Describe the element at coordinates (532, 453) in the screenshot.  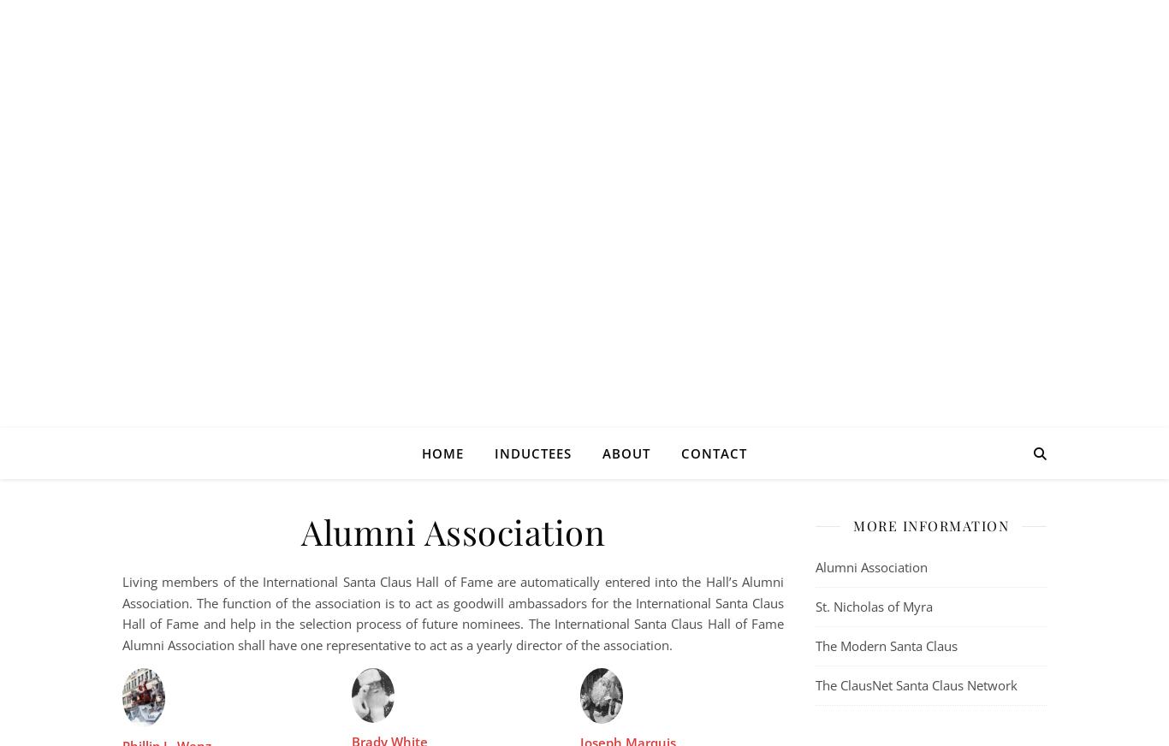
I see `'Inductees'` at that location.